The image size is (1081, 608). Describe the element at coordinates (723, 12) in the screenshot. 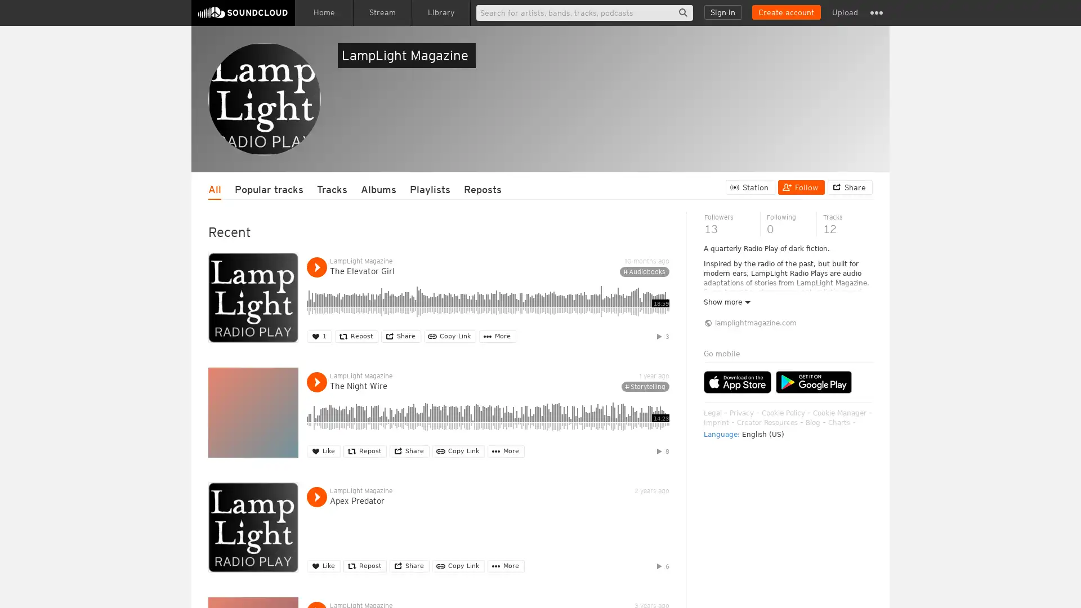

I see `Sign in` at that location.